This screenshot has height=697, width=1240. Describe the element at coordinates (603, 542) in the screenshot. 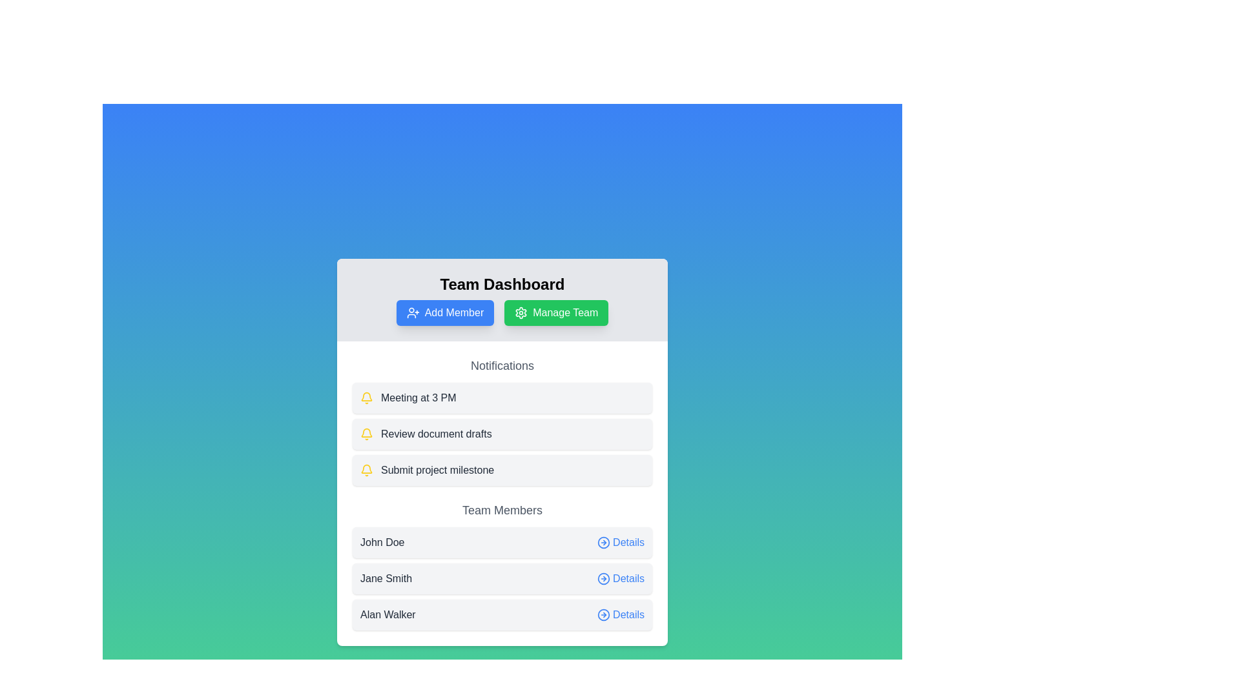

I see `the circular arrow icon pointing to the right, located in the 'Details' button for 'John Doe' in the 'Team Members' section` at that location.